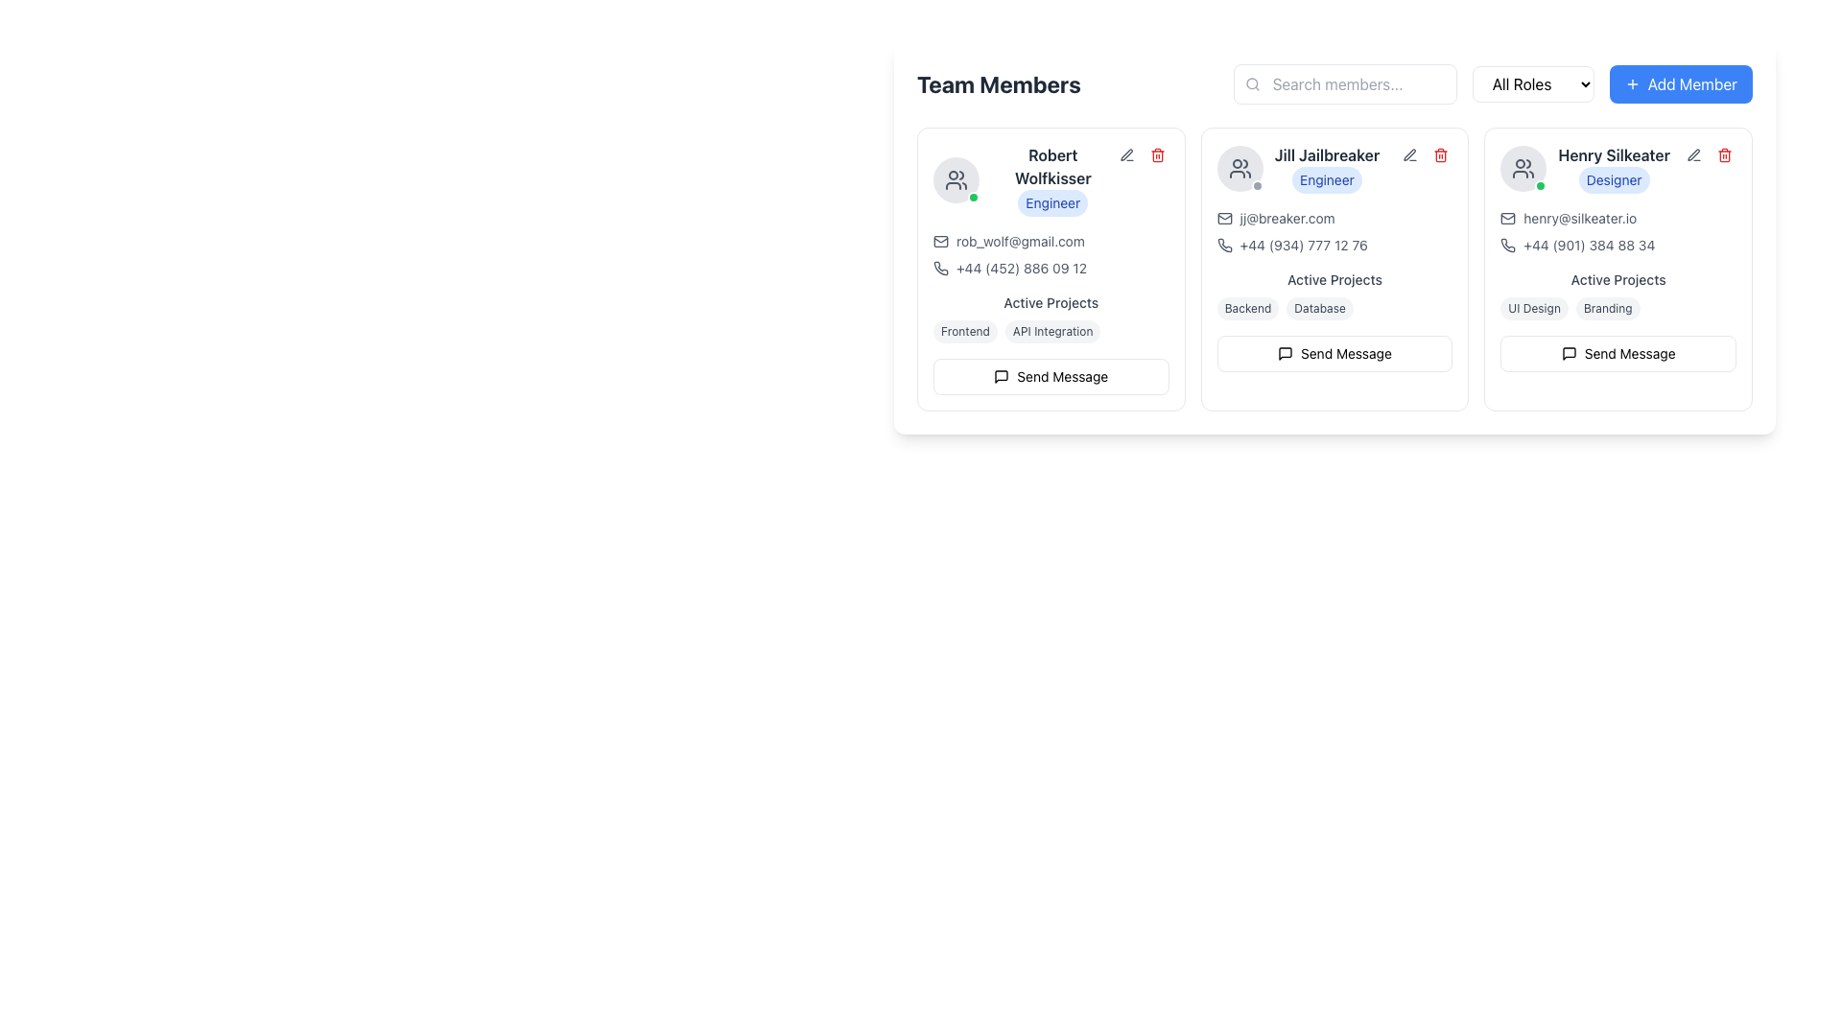 The image size is (1842, 1036). I want to click on the small gray pen icon button located in the top-right corner of Robert Wolfkisser's profile card, so click(1126, 154).